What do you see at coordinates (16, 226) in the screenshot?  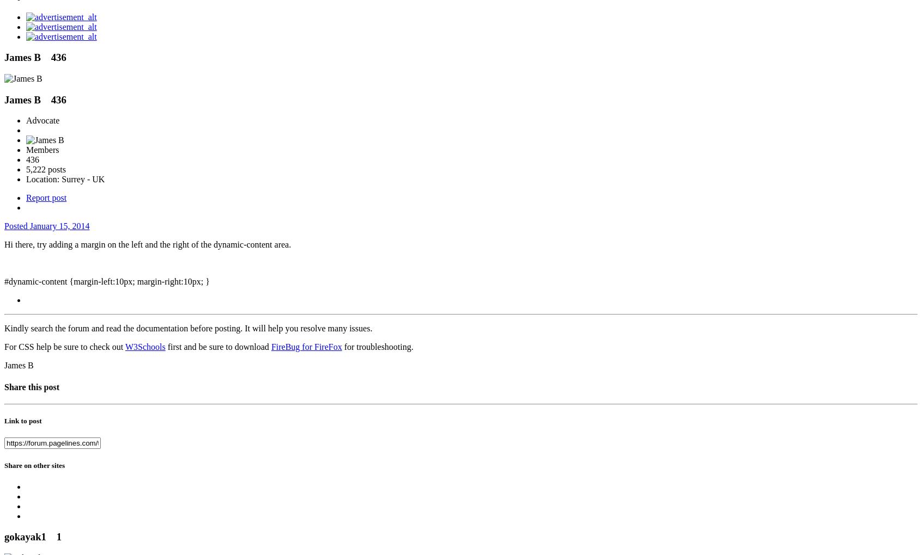 I see `'Posted'` at bounding box center [16, 226].